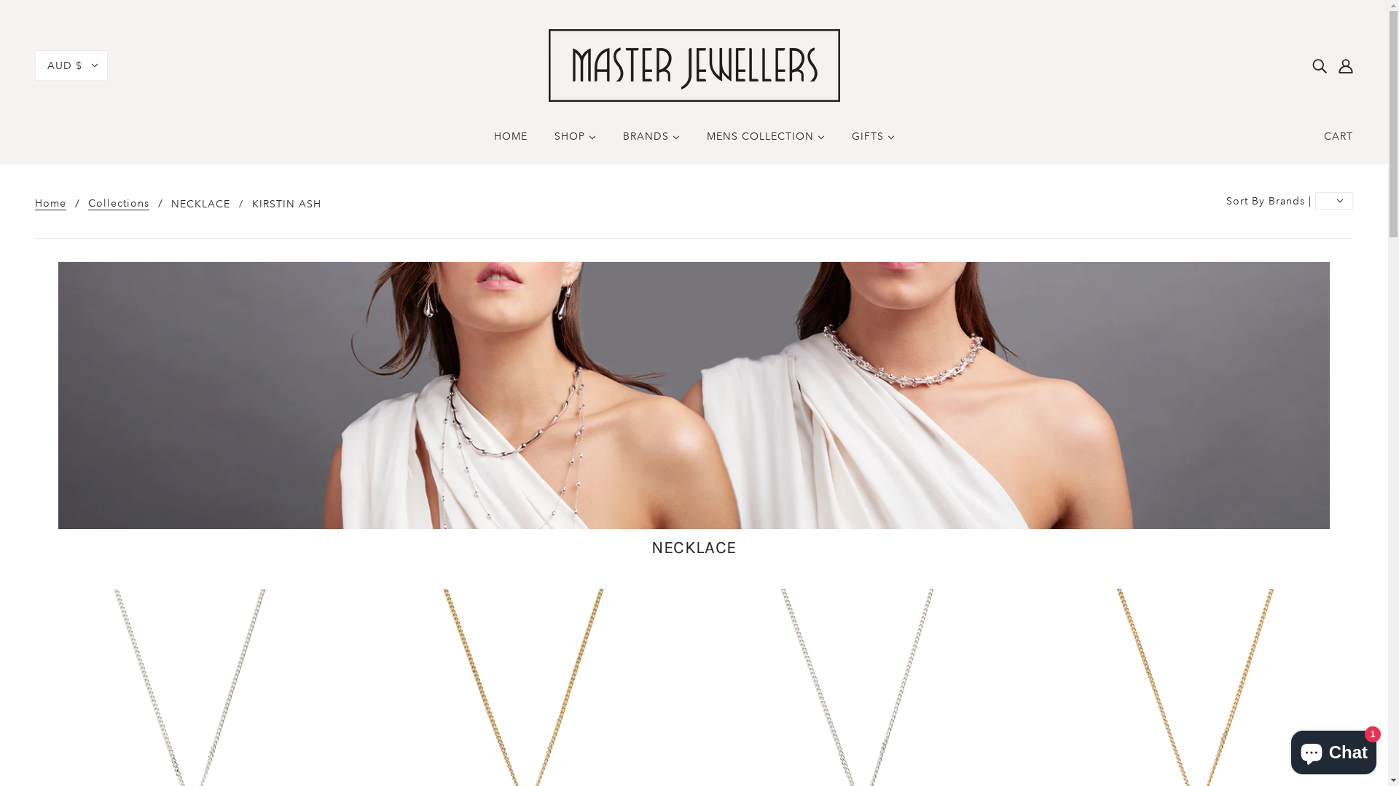 The image size is (1399, 786). What do you see at coordinates (482, 142) in the screenshot?
I see `'HOME'` at bounding box center [482, 142].